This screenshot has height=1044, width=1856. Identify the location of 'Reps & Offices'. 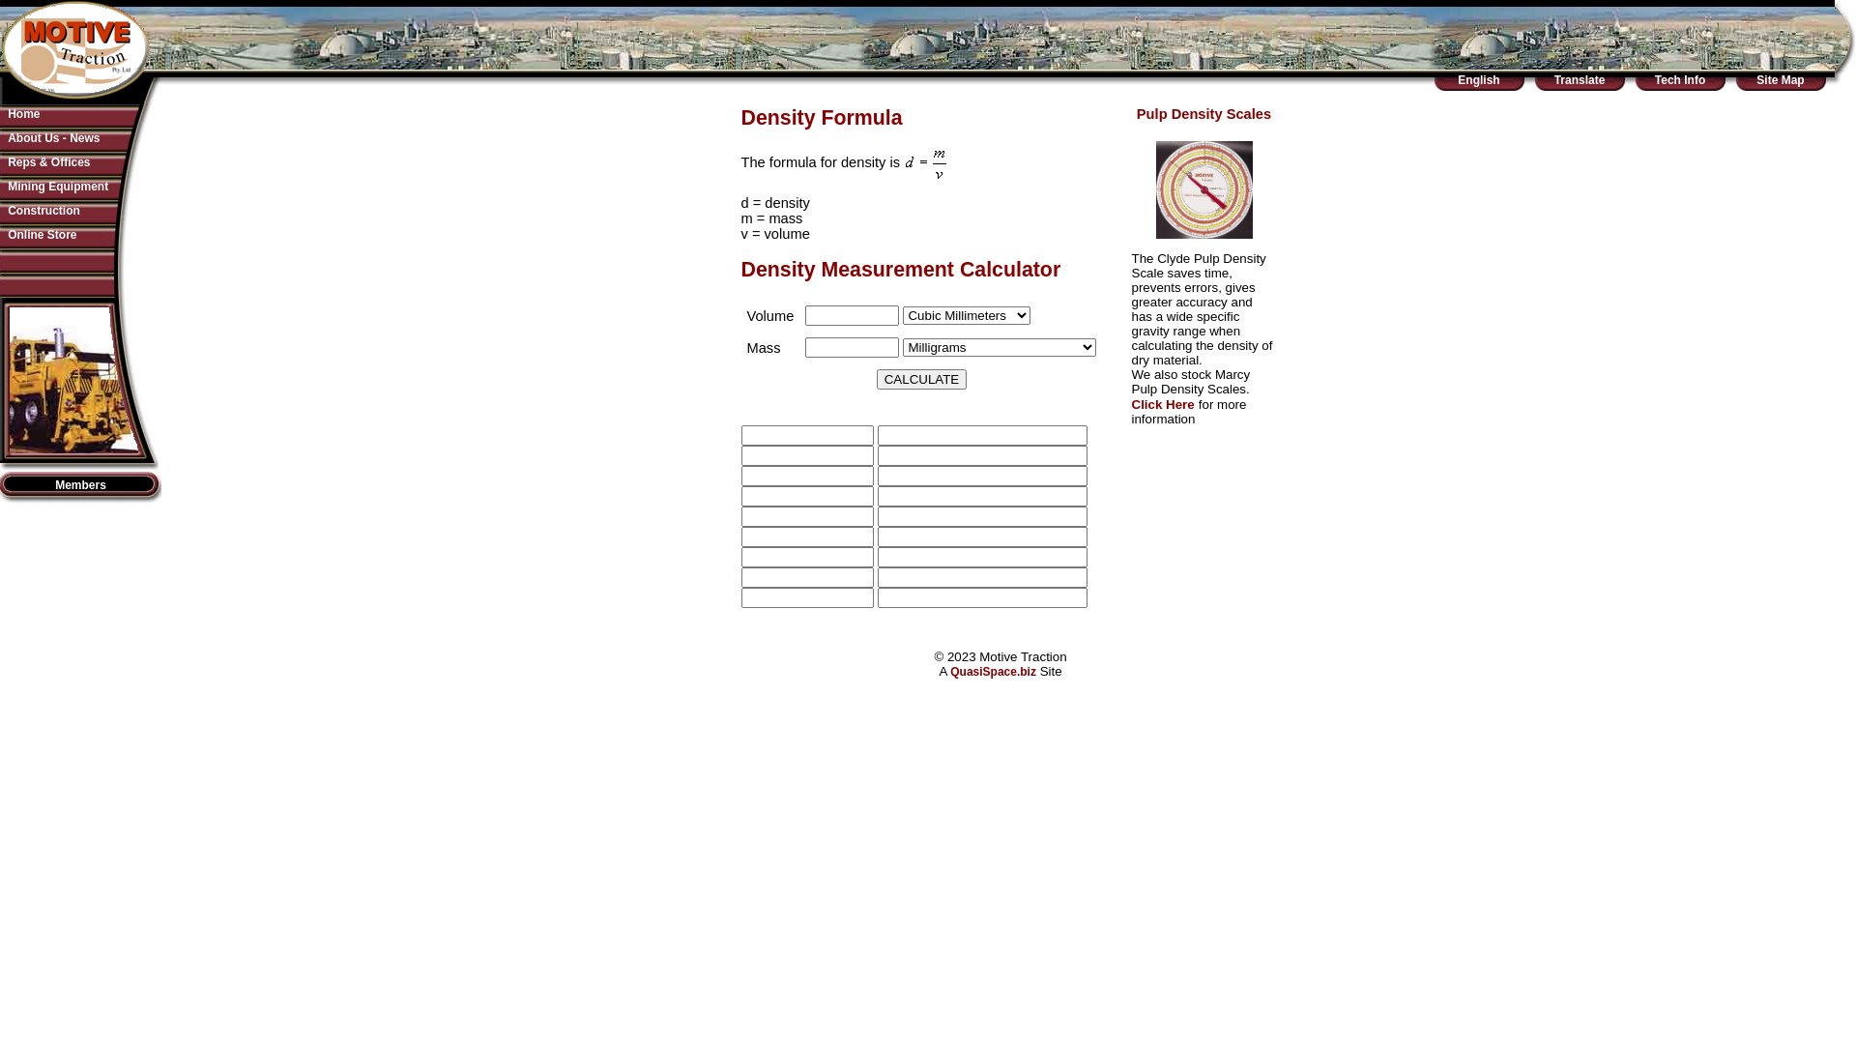
(48, 161).